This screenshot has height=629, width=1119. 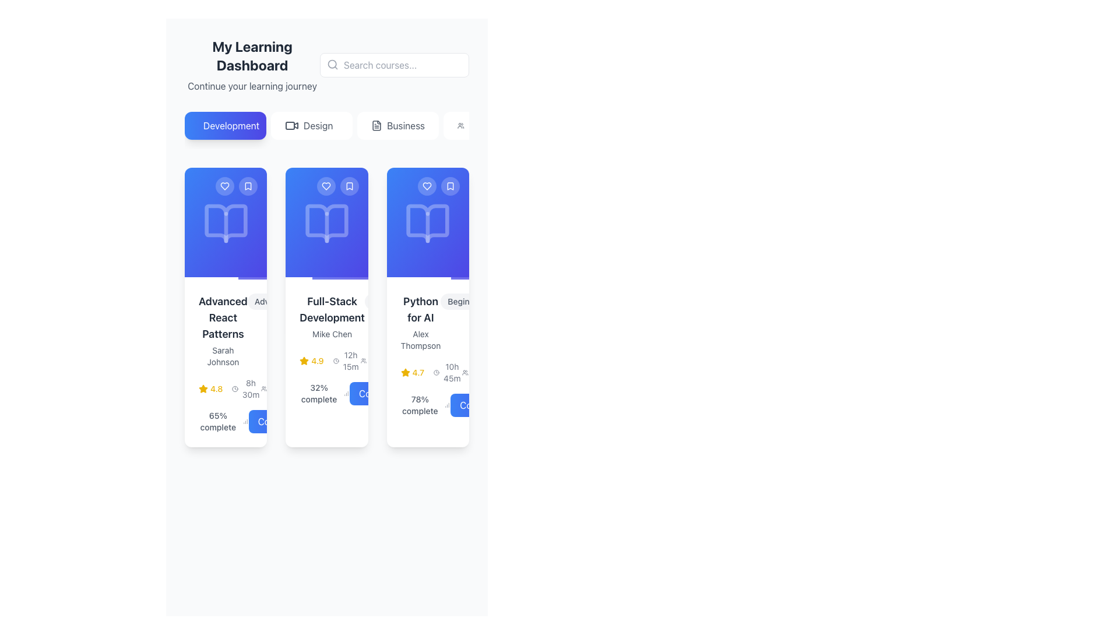 I want to click on the informational text and icon indicating the completion percentage of the course within the 'Full-Stack Development' card, located above the 'Continue' button, so click(x=326, y=393).